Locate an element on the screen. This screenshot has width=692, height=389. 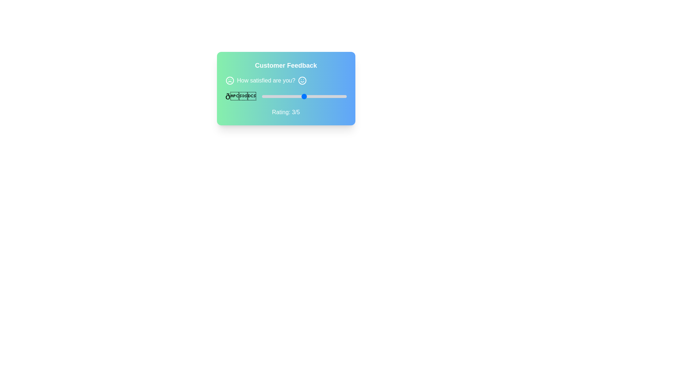
the Unicode or emoji-like textual symbol displayed on the left side of the user feedback section, which is associated with user satisfaction is located at coordinates (241, 96).